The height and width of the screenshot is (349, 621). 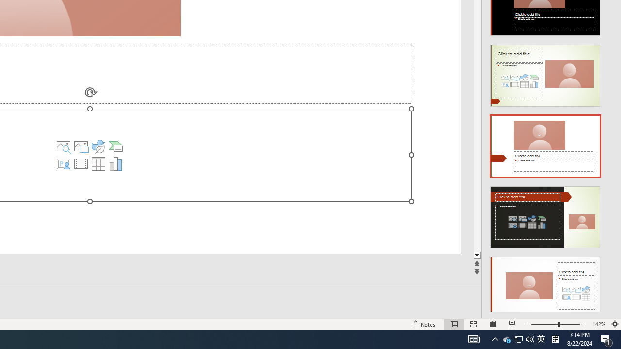 I want to click on 'Insert Chart', so click(x=115, y=163).